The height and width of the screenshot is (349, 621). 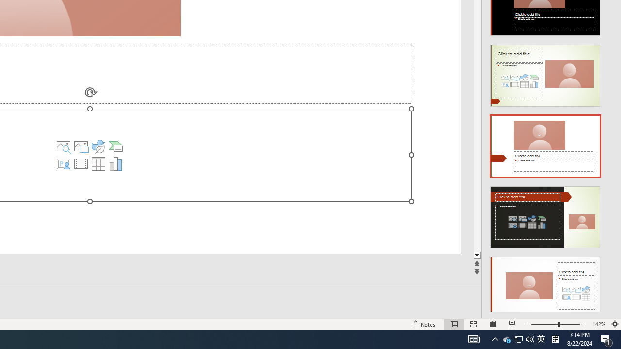 I want to click on 'Insert Chart', so click(x=115, y=163).